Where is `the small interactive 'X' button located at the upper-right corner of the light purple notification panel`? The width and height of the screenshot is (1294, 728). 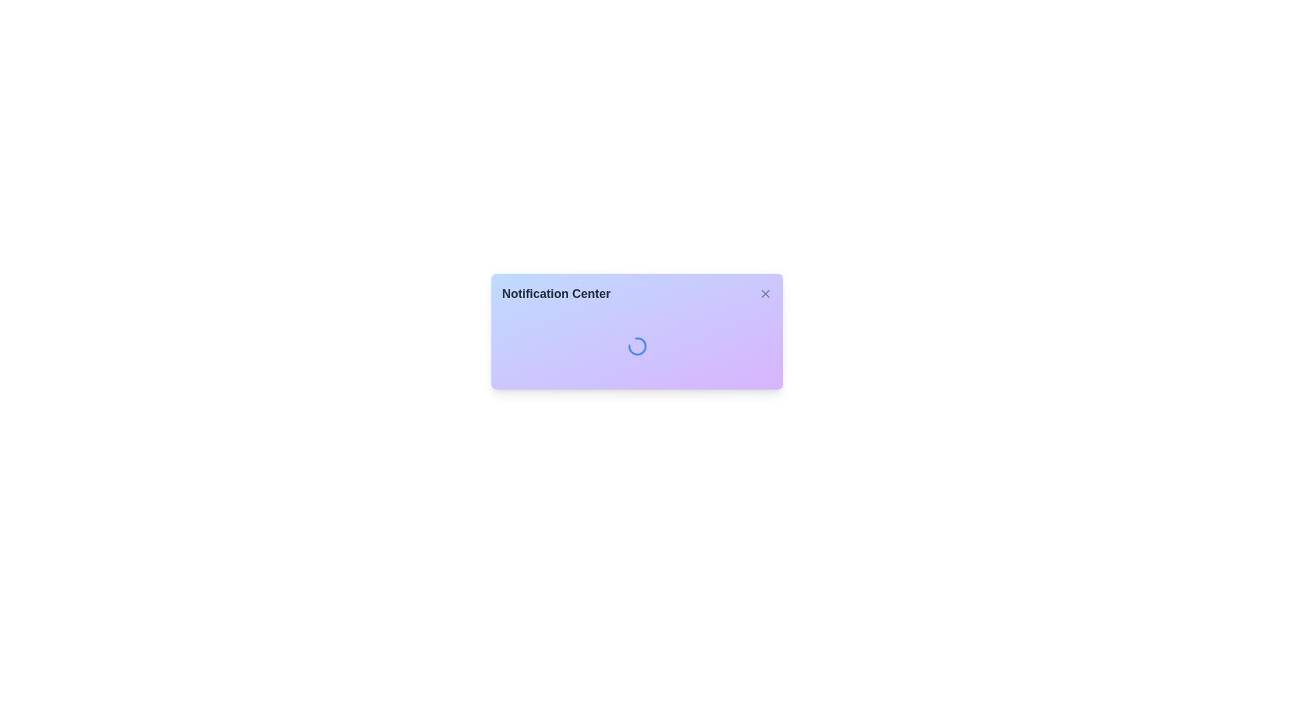 the small interactive 'X' button located at the upper-right corner of the light purple notification panel is located at coordinates (766, 293).